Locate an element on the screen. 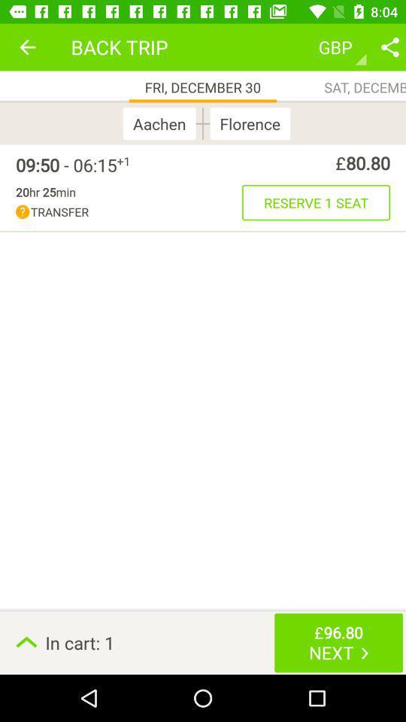 The height and width of the screenshot is (722, 406). icon above the 09 50 06 is located at coordinates (27, 47).